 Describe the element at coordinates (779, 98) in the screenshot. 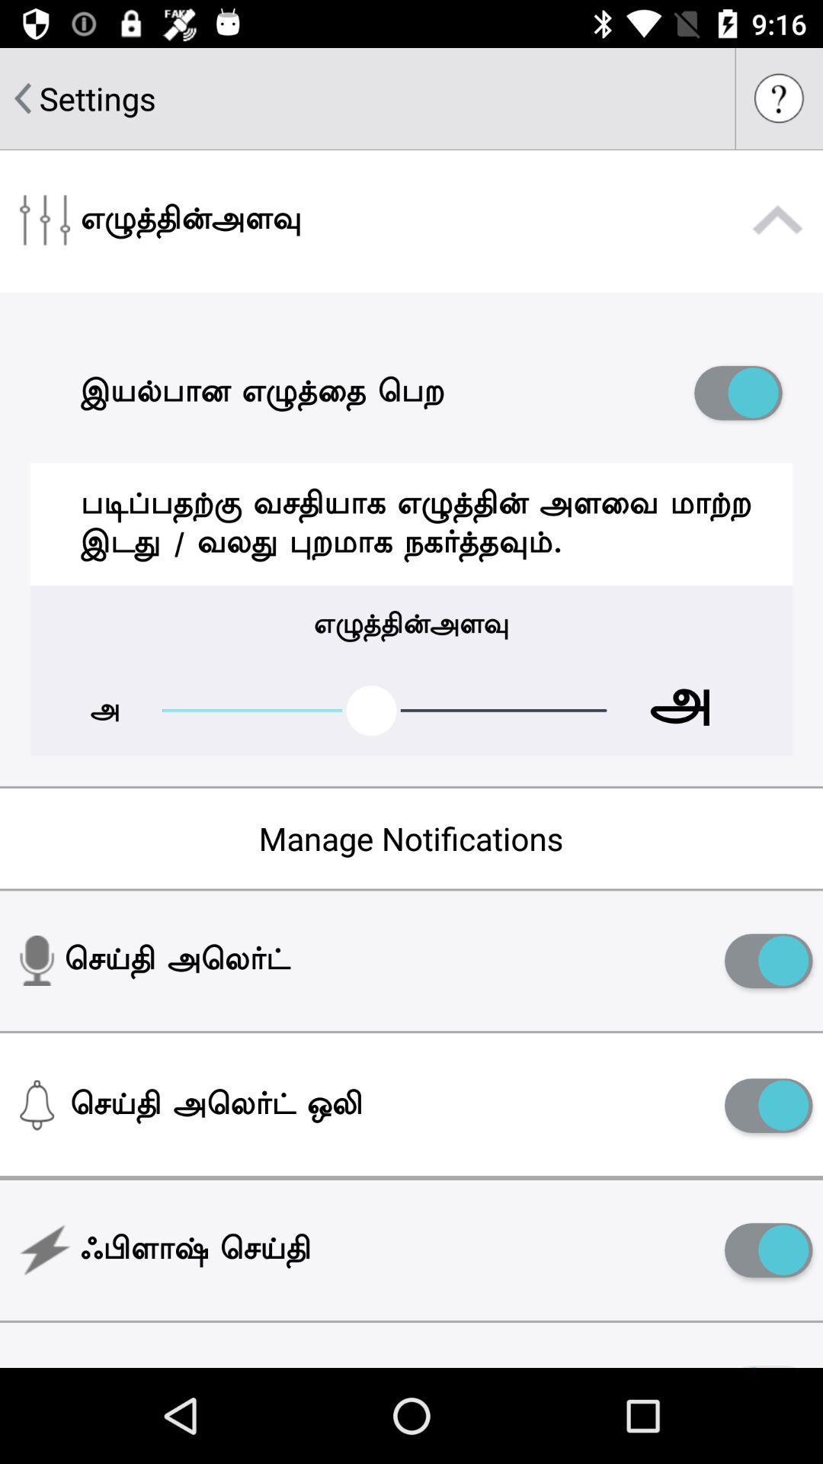

I see `open help interface` at that location.